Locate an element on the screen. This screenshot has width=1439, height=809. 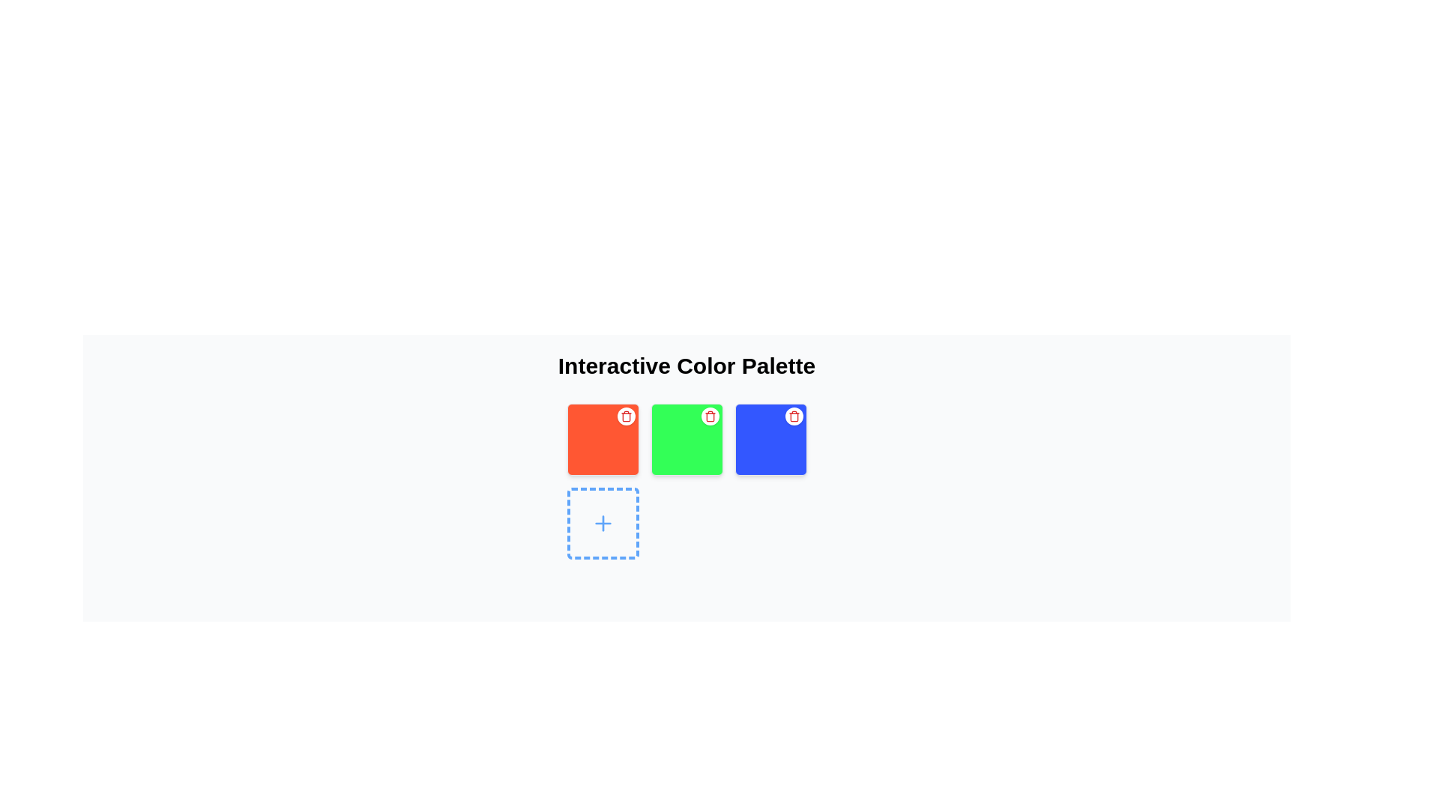
the circular delete button with a red trash bin icon located at the top-right corner of the blue square is located at coordinates (793, 416).